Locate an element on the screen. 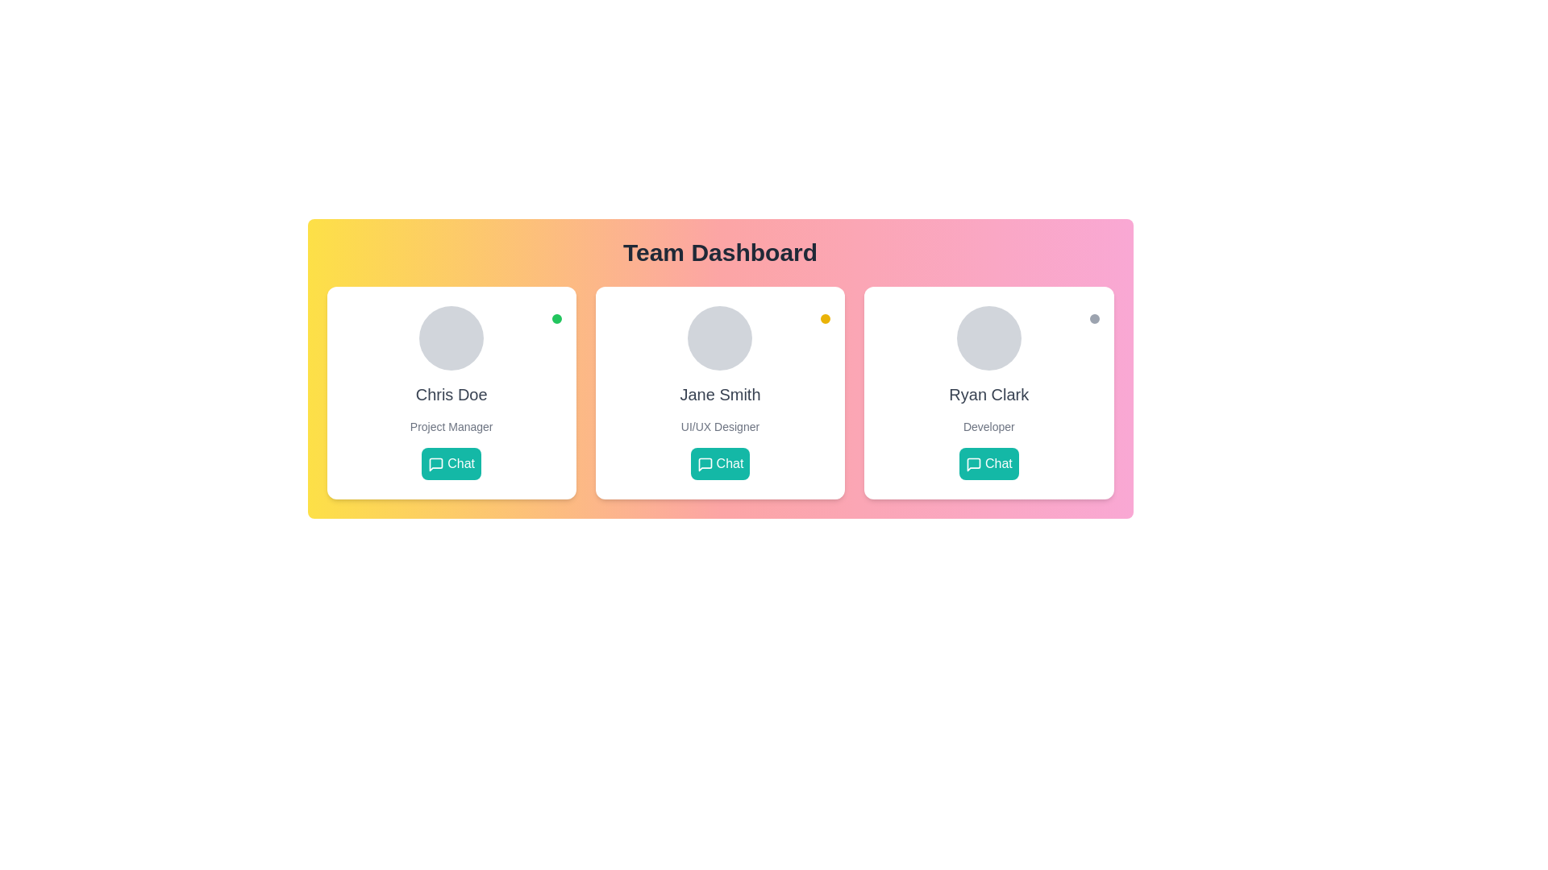 The height and width of the screenshot is (870, 1548). the image placeholder located at the top of the rightmost card that displays the profile picture for 'Ryan Clark', the Developer is located at coordinates (988, 338).